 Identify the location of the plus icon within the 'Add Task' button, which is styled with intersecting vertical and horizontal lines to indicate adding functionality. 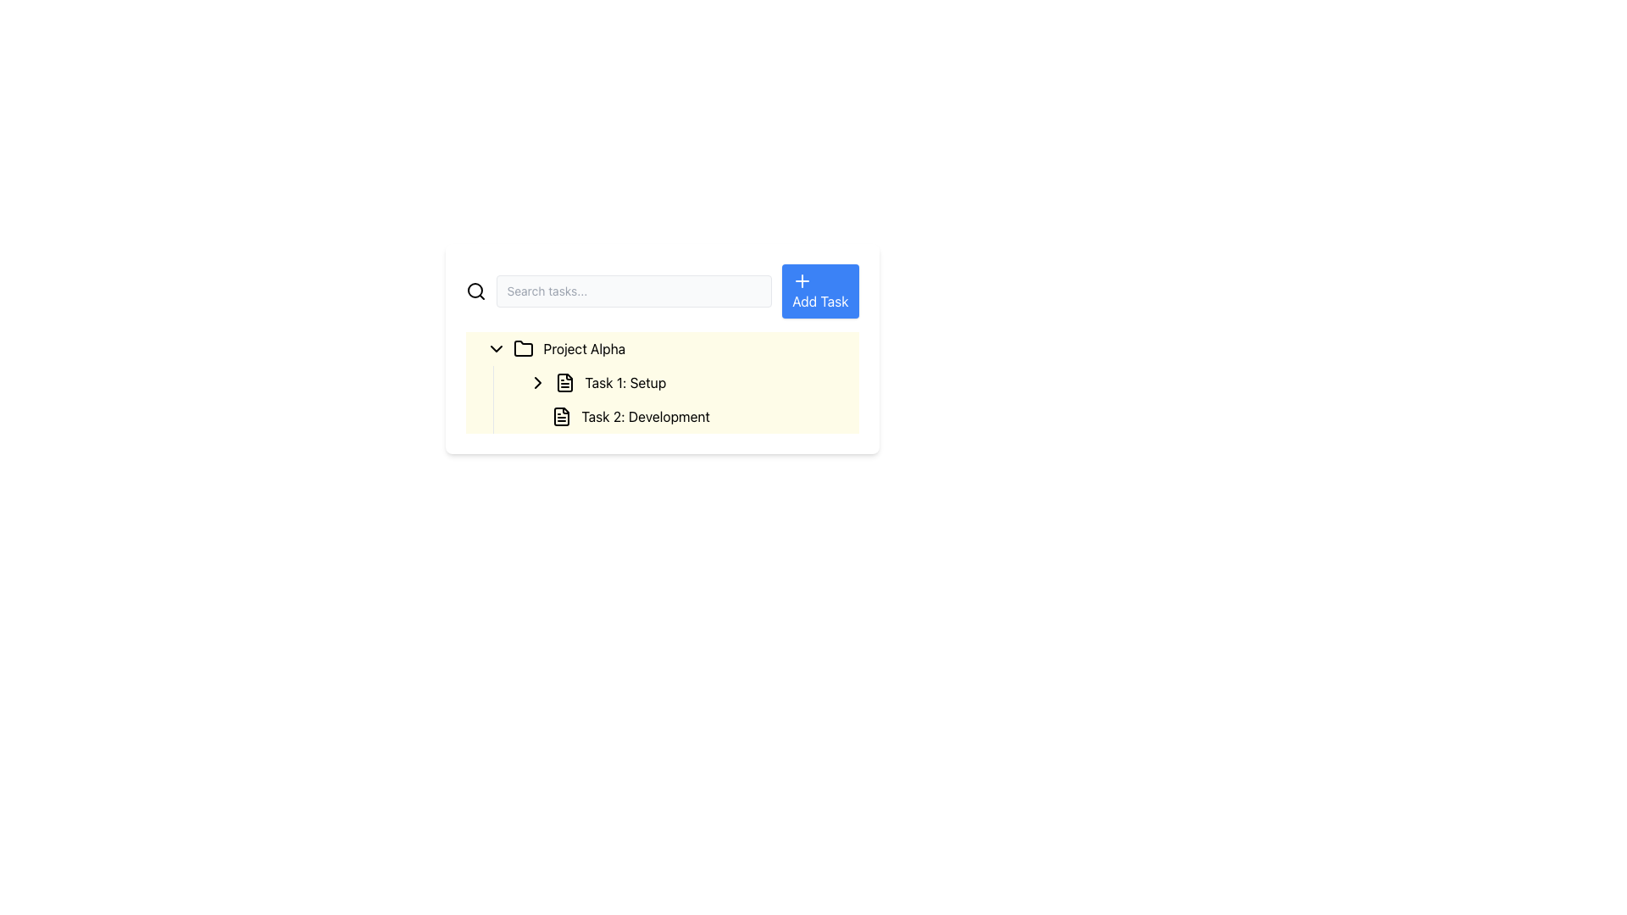
(802, 280).